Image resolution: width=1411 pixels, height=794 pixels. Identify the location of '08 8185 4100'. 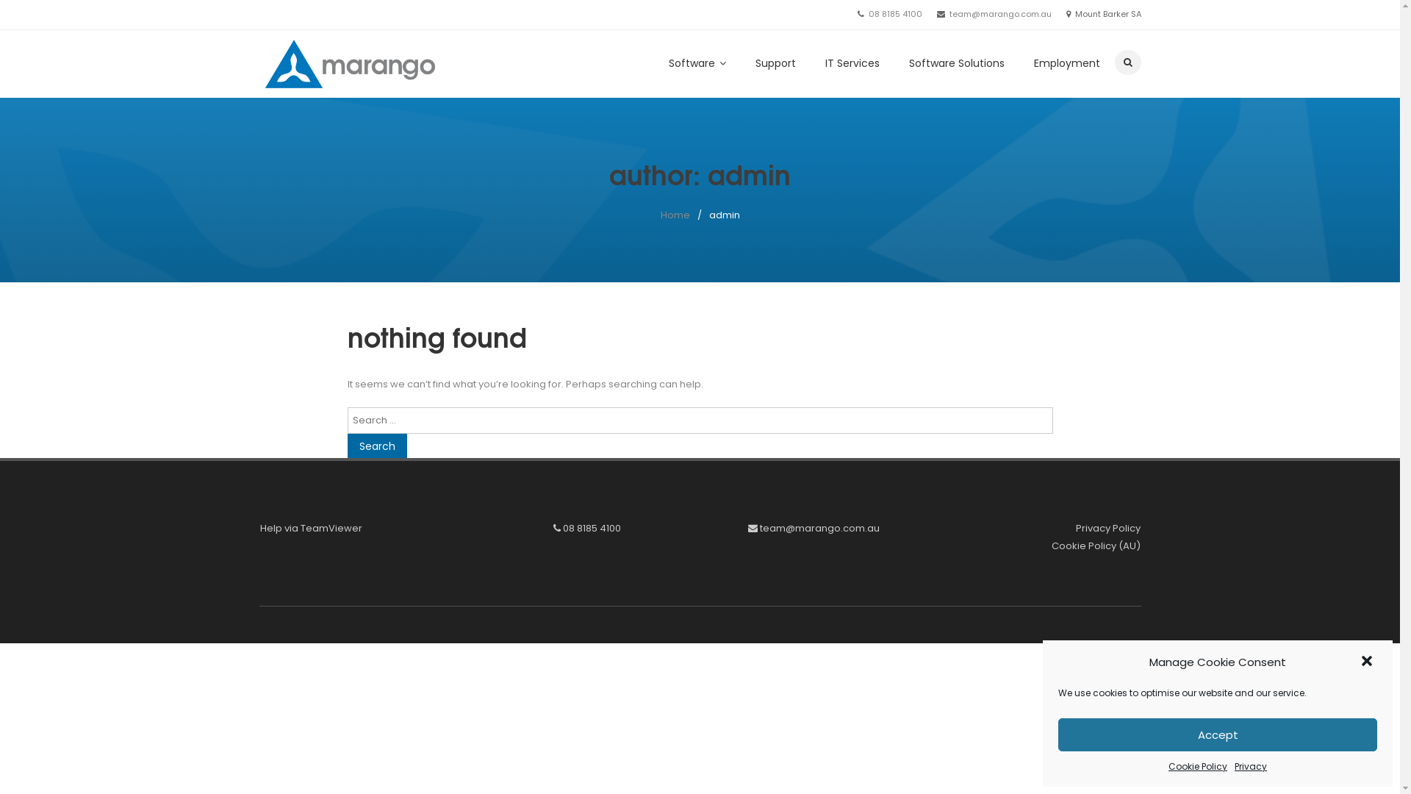
(894, 14).